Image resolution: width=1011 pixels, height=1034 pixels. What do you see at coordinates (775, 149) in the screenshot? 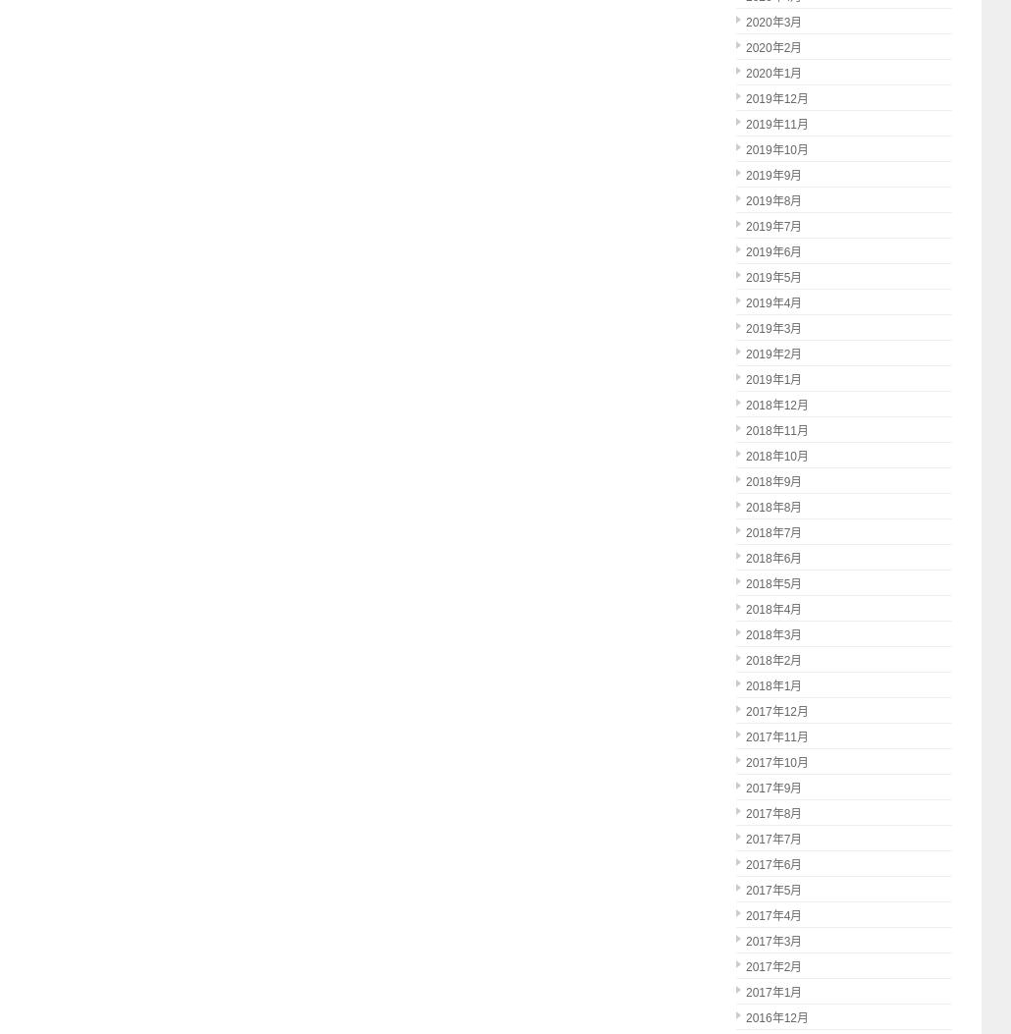
I see `'2019年10月'` at bounding box center [775, 149].